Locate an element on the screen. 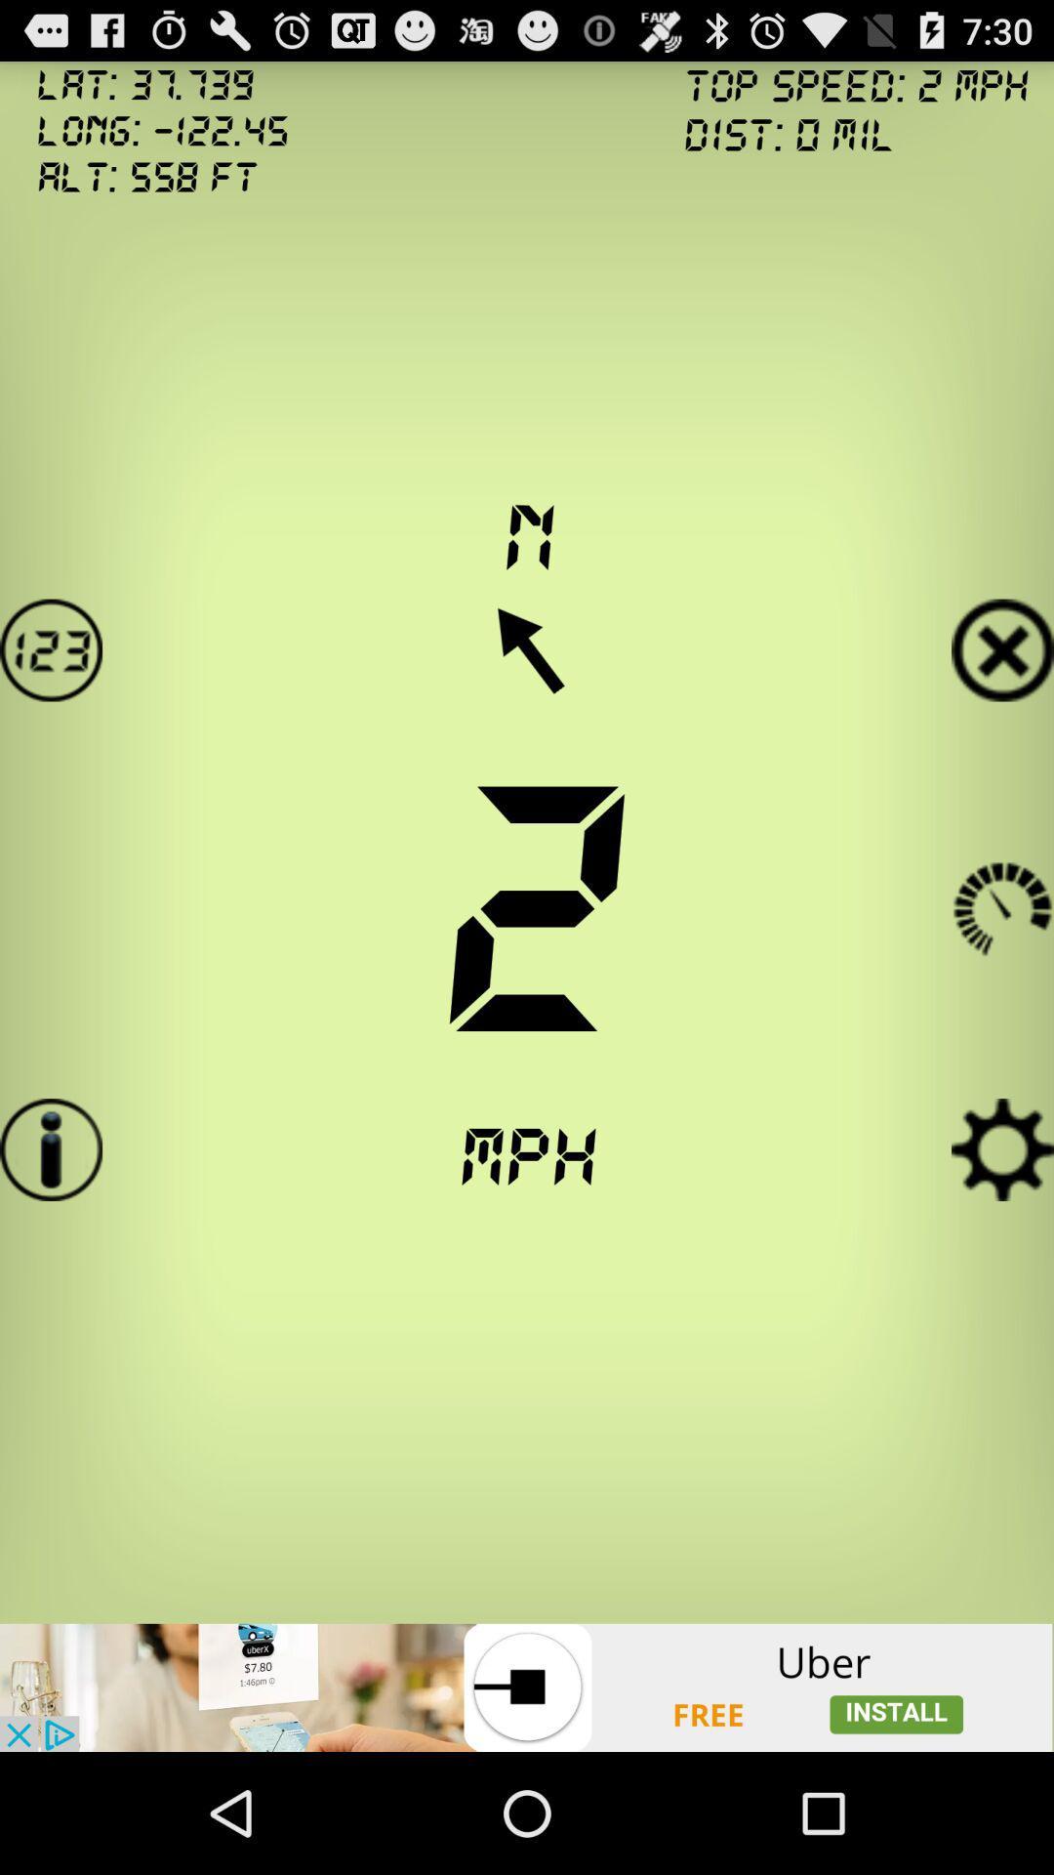  advertise an app is located at coordinates (527, 1687).